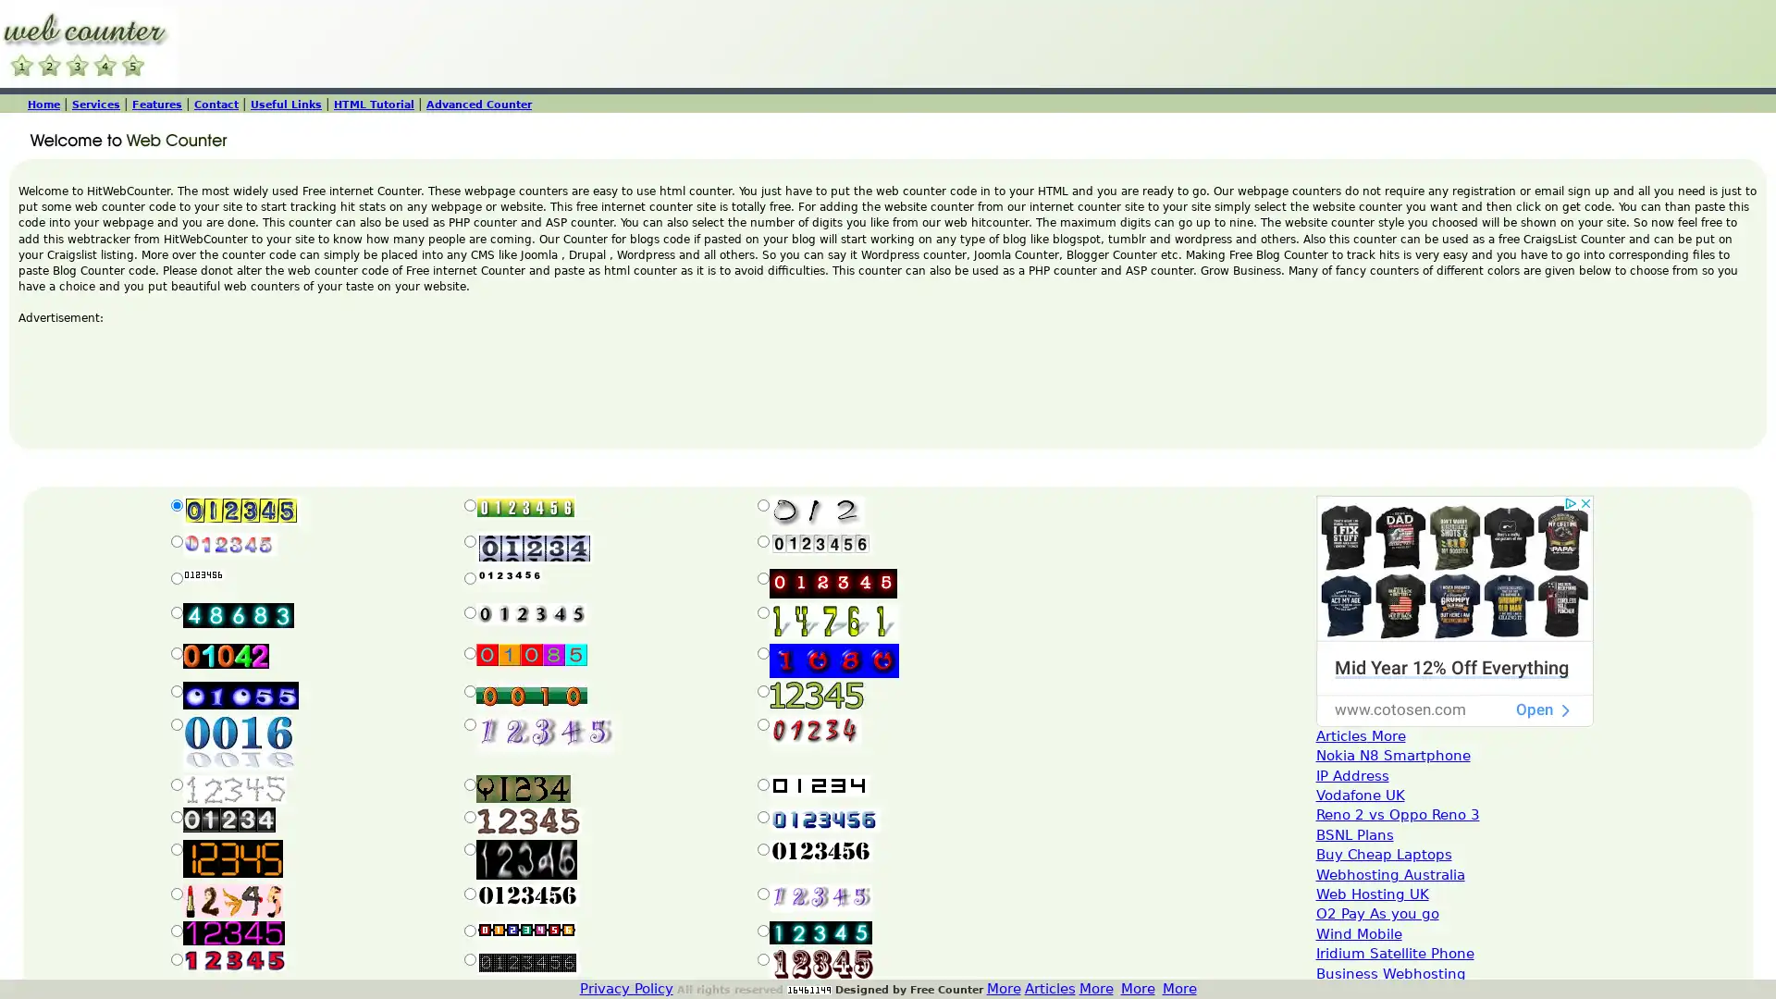 This screenshot has width=1776, height=999. I want to click on Submit, so click(815, 696).